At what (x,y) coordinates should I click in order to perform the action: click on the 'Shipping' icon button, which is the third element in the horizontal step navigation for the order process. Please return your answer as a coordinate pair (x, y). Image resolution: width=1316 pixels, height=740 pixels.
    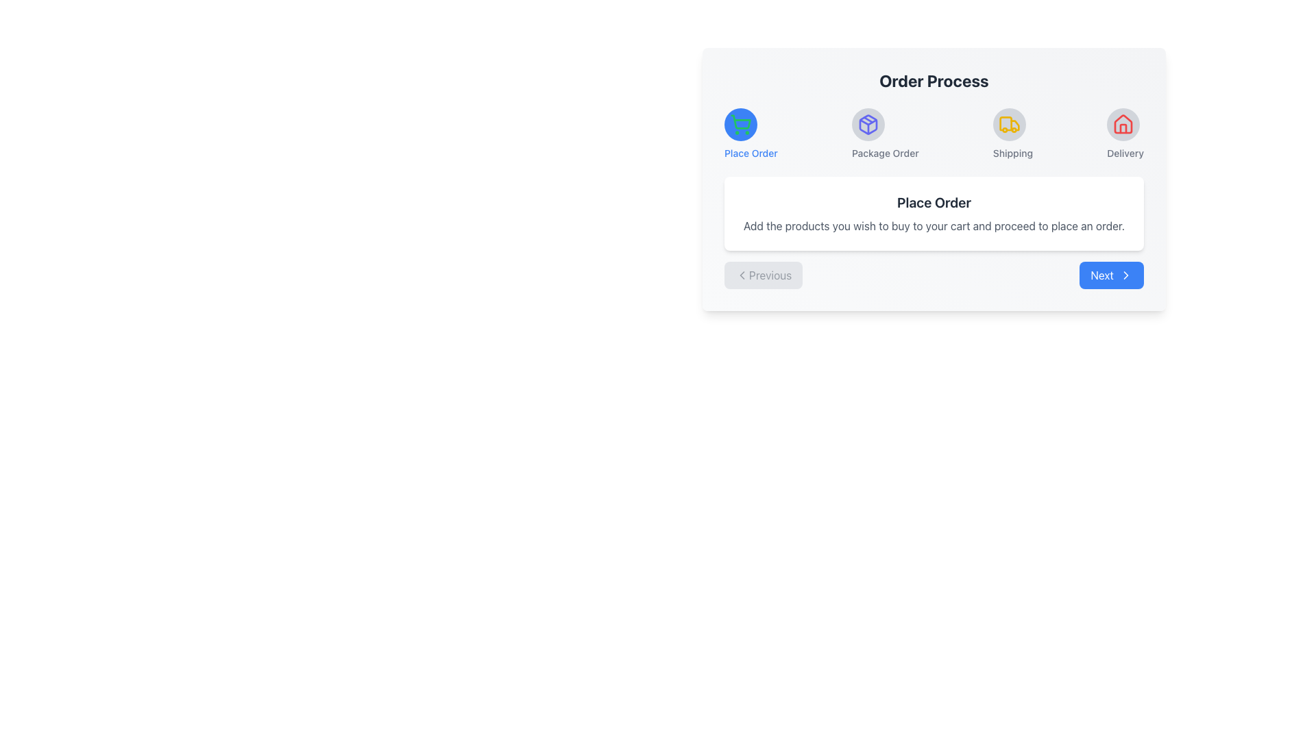
    Looking at the image, I should click on (1009, 124).